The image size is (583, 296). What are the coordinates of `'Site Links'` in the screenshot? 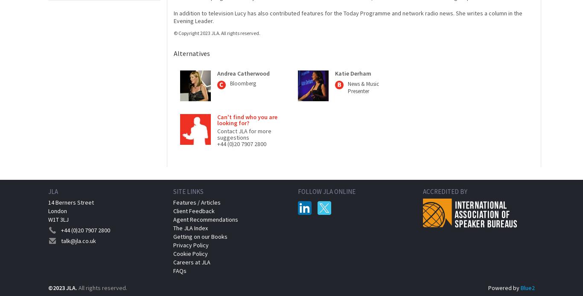 It's located at (187, 190).